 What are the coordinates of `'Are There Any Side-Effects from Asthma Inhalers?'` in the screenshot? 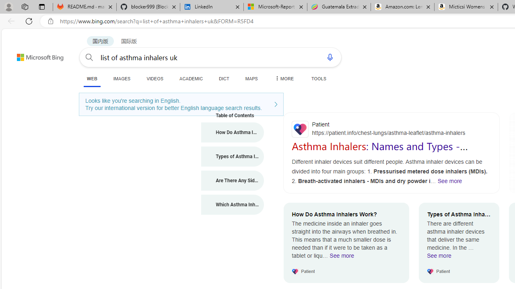 It's located at (232, 181).